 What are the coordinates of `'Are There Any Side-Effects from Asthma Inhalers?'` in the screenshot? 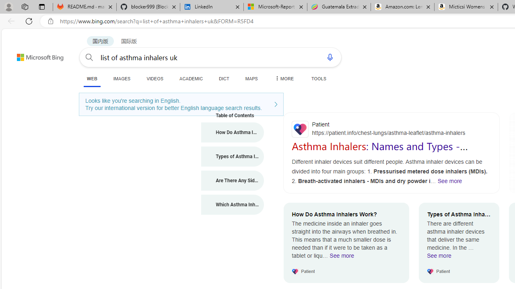 It's located at (232, 181).